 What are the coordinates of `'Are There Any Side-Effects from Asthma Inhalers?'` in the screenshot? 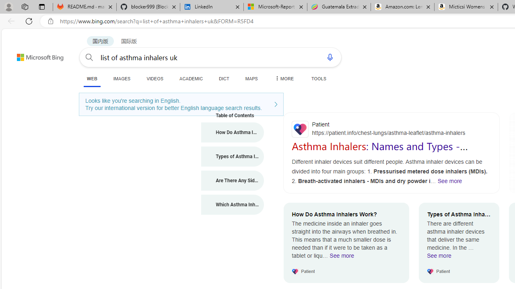 It's located at (232, 181).